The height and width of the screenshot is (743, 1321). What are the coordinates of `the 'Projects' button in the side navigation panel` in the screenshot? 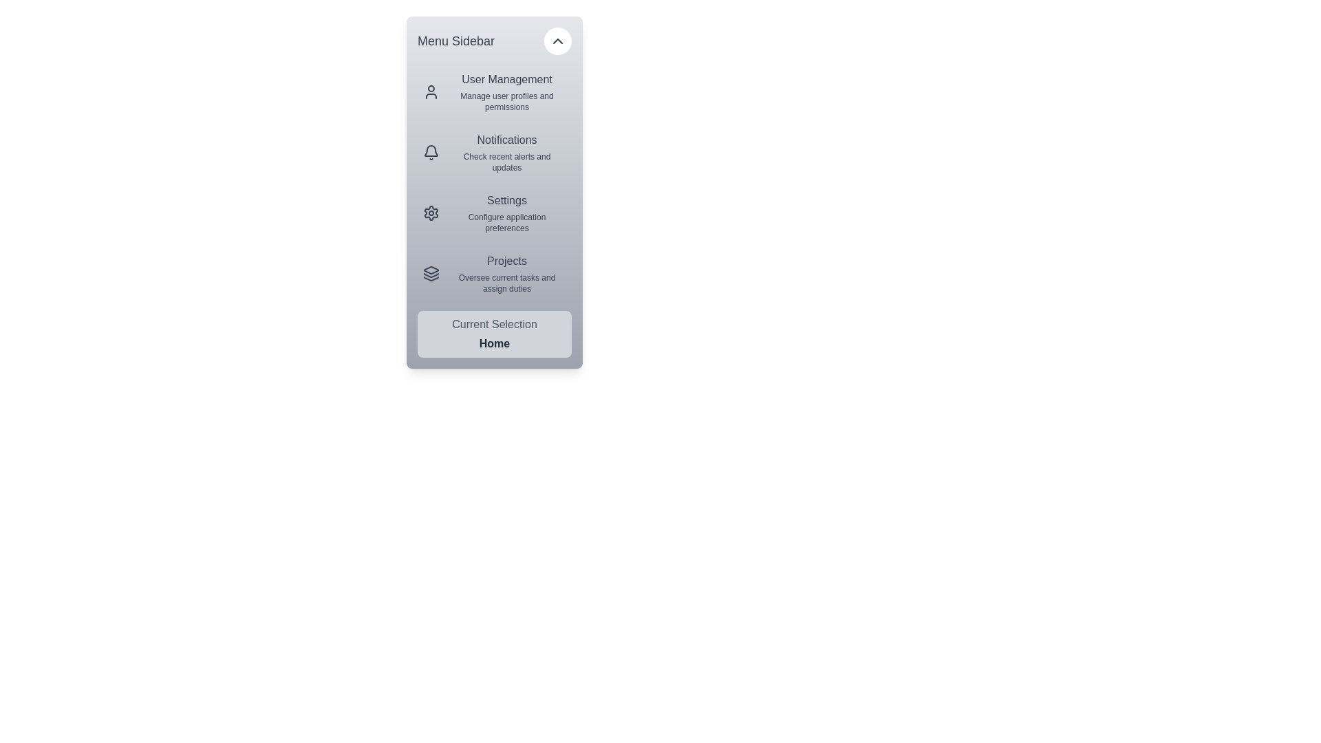 It's located at (495, 273).